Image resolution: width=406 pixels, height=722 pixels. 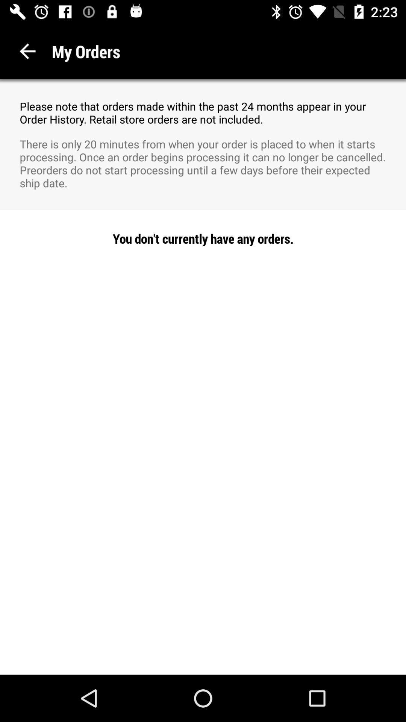 I want to click on the item to the left of the my orders item, so click(x=27, y=51).